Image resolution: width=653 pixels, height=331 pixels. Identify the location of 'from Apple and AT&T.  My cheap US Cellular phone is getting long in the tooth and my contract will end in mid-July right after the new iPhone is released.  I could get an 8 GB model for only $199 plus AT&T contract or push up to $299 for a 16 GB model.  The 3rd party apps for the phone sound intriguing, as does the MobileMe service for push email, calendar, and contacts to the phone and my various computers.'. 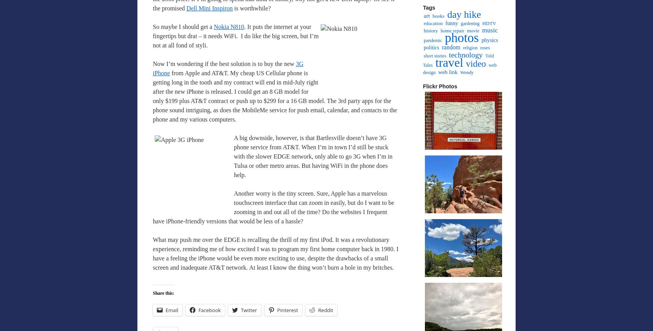
(274, 96).